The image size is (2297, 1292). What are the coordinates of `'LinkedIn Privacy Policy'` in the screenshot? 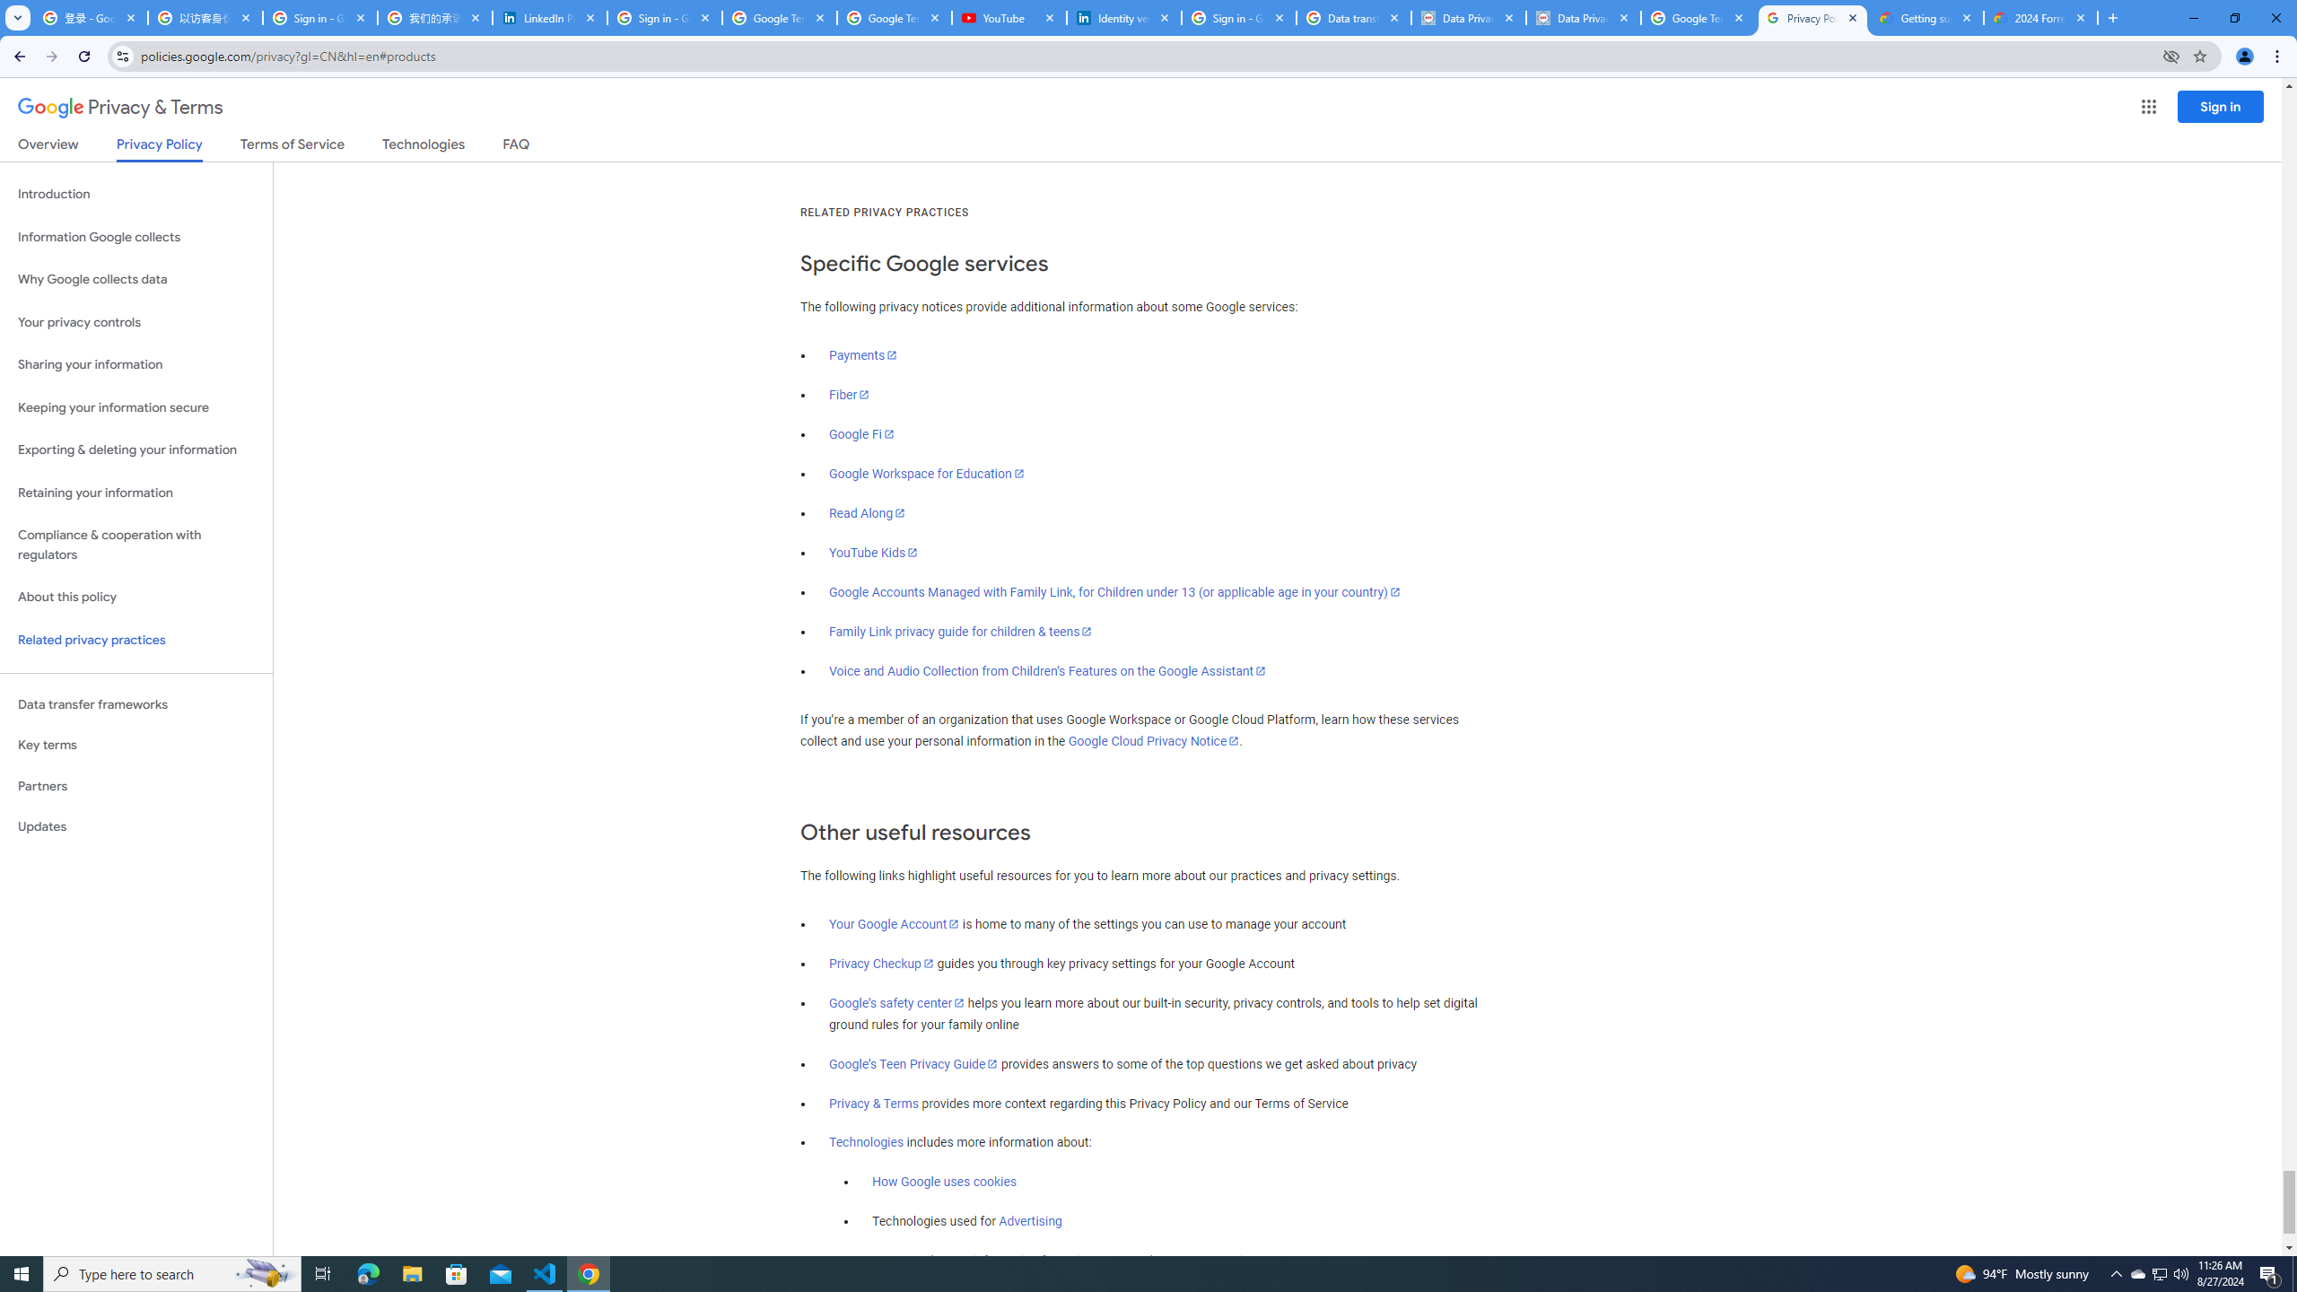 It's located at (549, 17).